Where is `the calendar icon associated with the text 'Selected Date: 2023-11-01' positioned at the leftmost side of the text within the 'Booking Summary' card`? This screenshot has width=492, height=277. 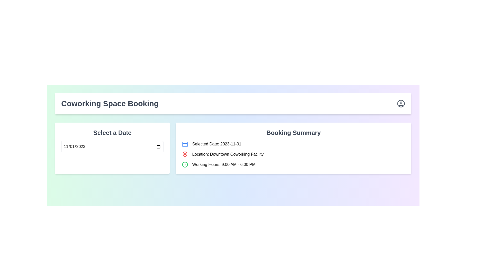
the calendar icon associated with the text 'Selected Date: 2023-11-01' positioned at the leftmost side of the text within the 'Booking Summary' card is located at coordinates (185, 144).